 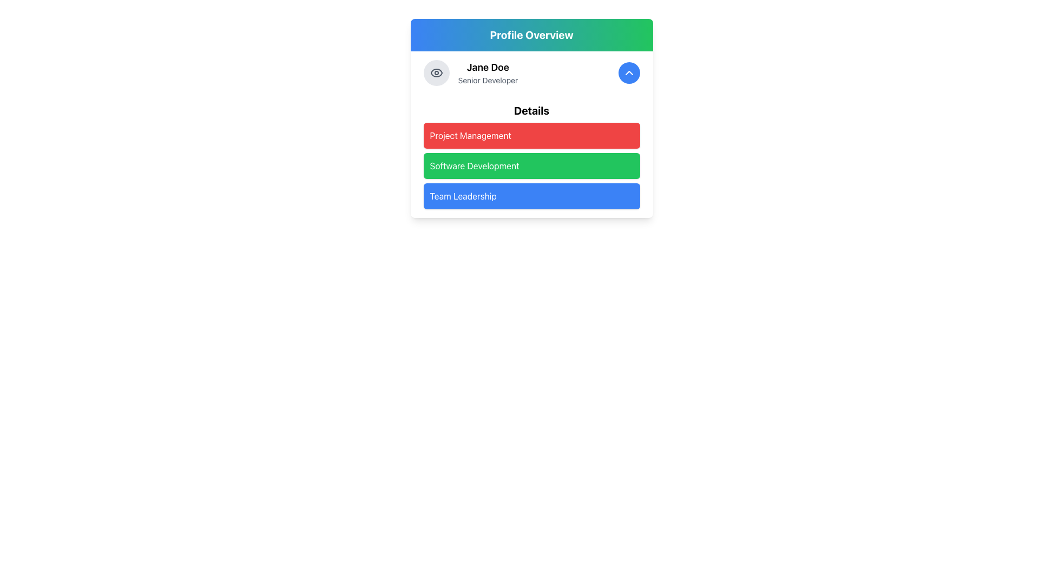 I want to click on the eye-shaped visibility indicator icon for keyboard interaction, located towards the left section of the profile header, so click(x=436, y=73).